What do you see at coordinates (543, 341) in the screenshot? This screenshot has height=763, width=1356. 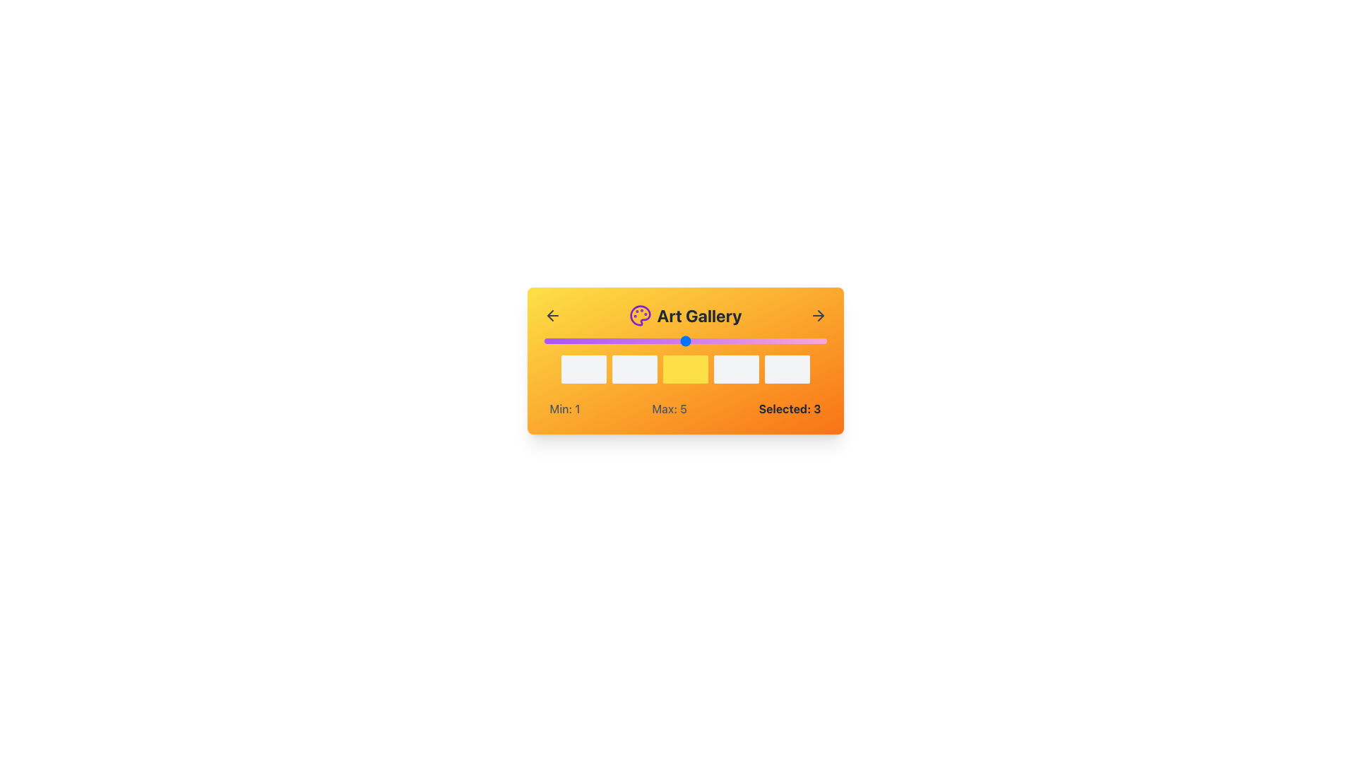 I see `the slider` at bounding box center [543, 341].